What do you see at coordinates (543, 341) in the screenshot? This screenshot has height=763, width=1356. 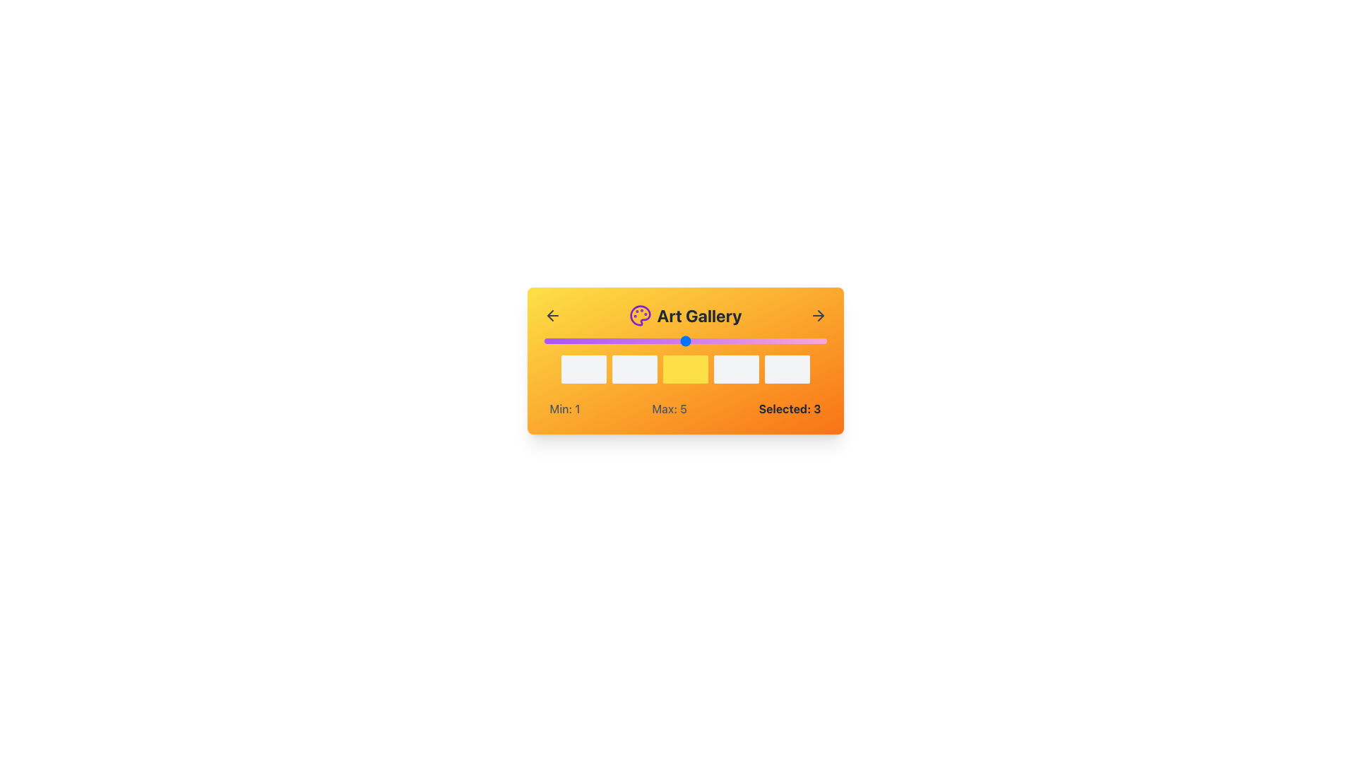 I see `the slider` at bounding box center [543, 341].